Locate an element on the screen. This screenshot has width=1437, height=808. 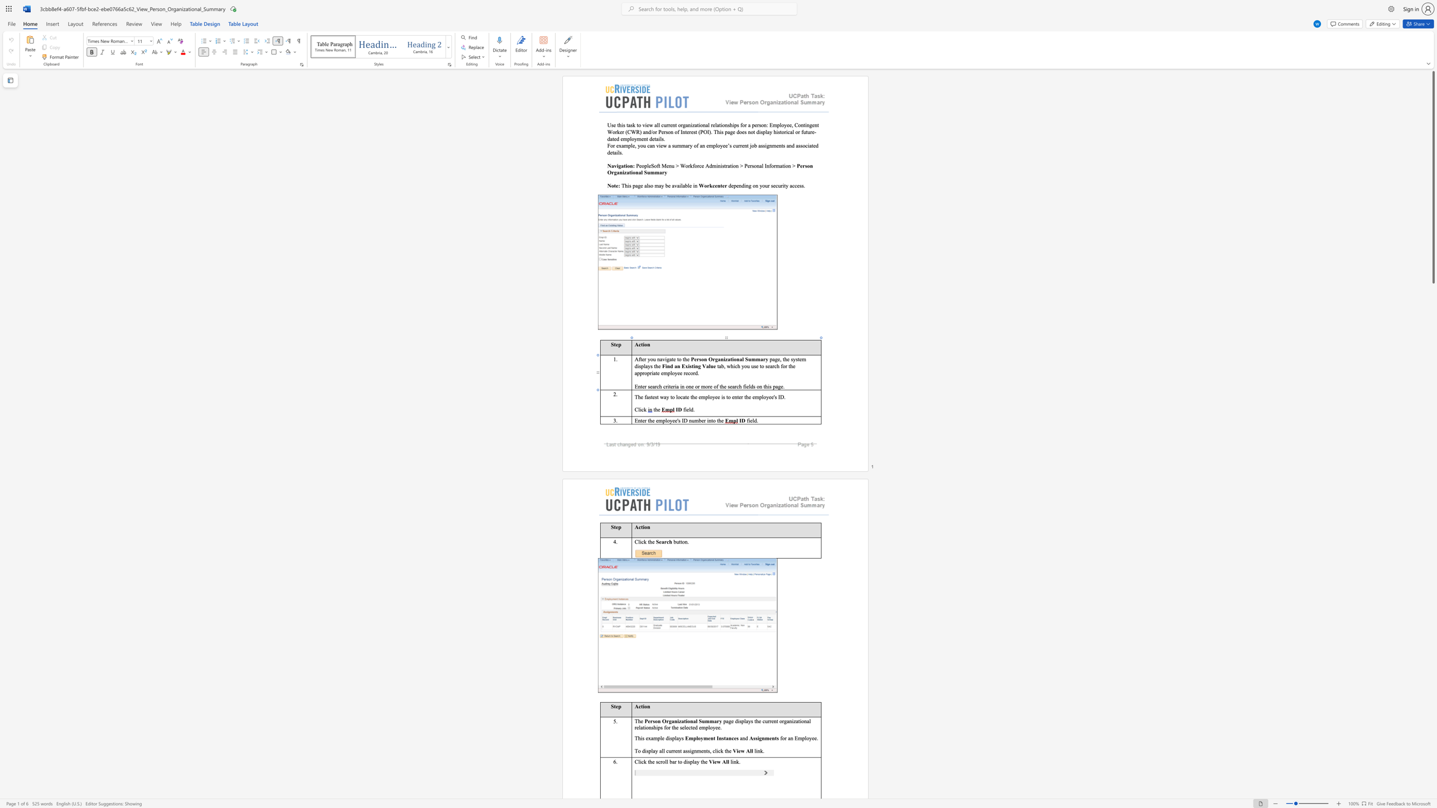
the space between the continuous character "s" and "s" in the text is located at coordinates (755, 737).